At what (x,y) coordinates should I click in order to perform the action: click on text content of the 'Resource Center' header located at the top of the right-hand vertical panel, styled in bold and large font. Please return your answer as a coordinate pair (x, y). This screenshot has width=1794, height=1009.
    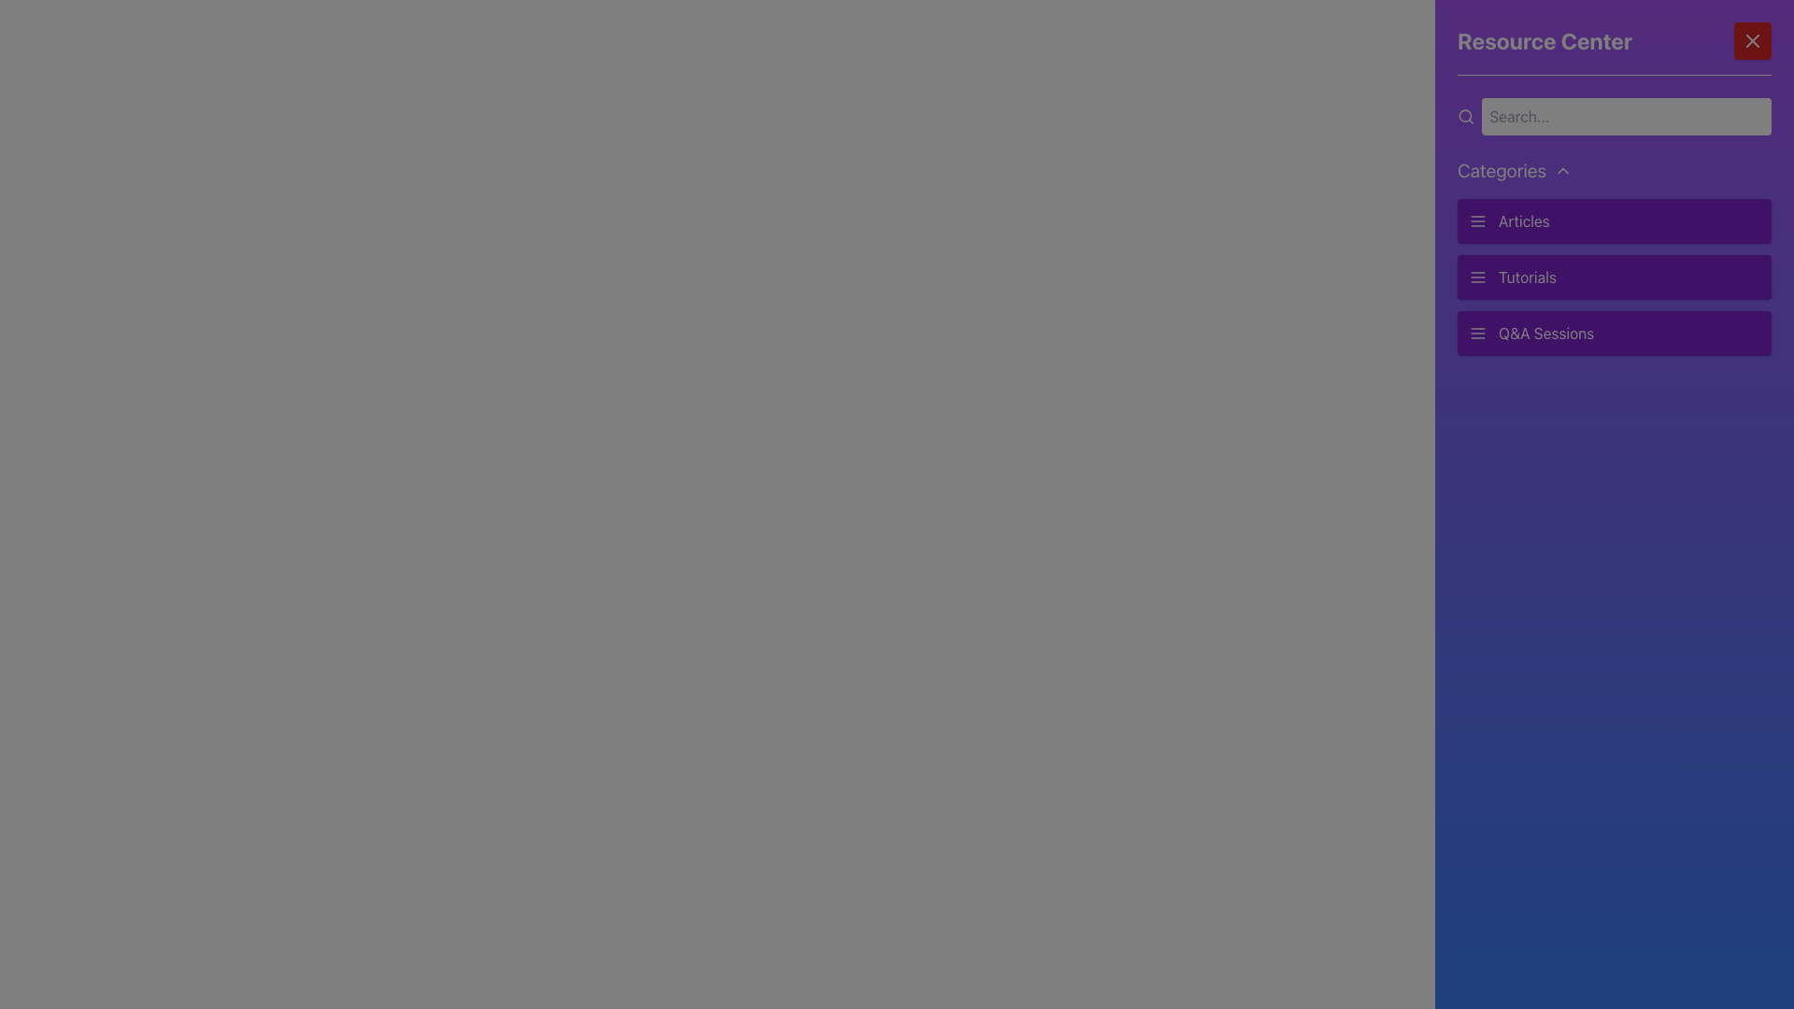
    Looking at the image, I should click on (1614, 47).